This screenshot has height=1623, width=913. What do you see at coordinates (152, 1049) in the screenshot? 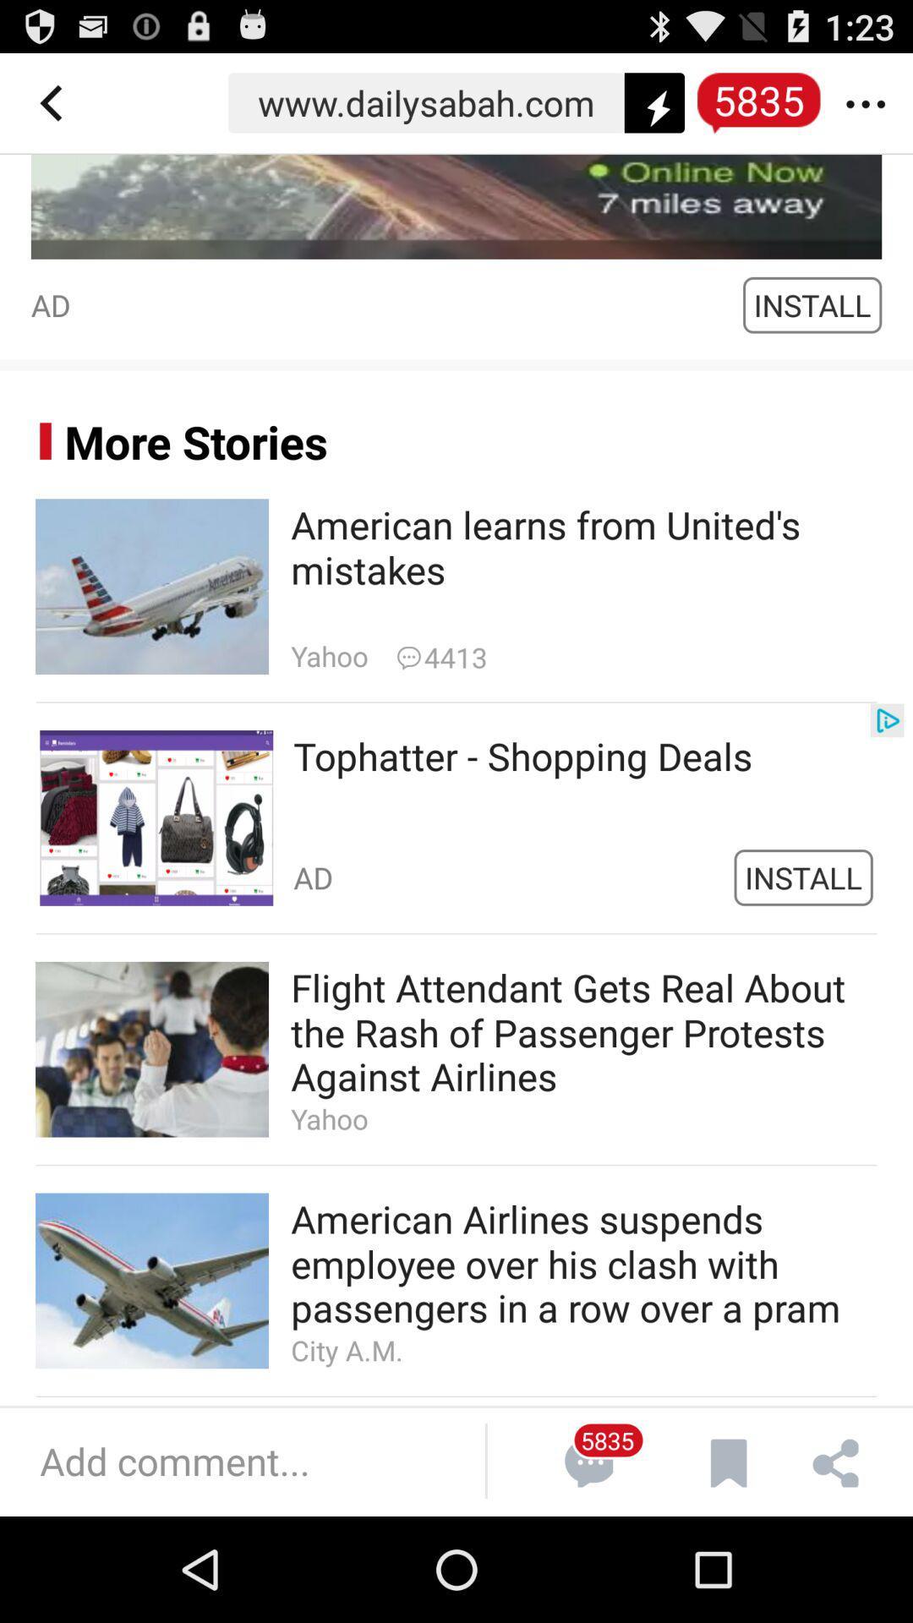
I see `second image from bottom` at bounding box center [152, 1049].